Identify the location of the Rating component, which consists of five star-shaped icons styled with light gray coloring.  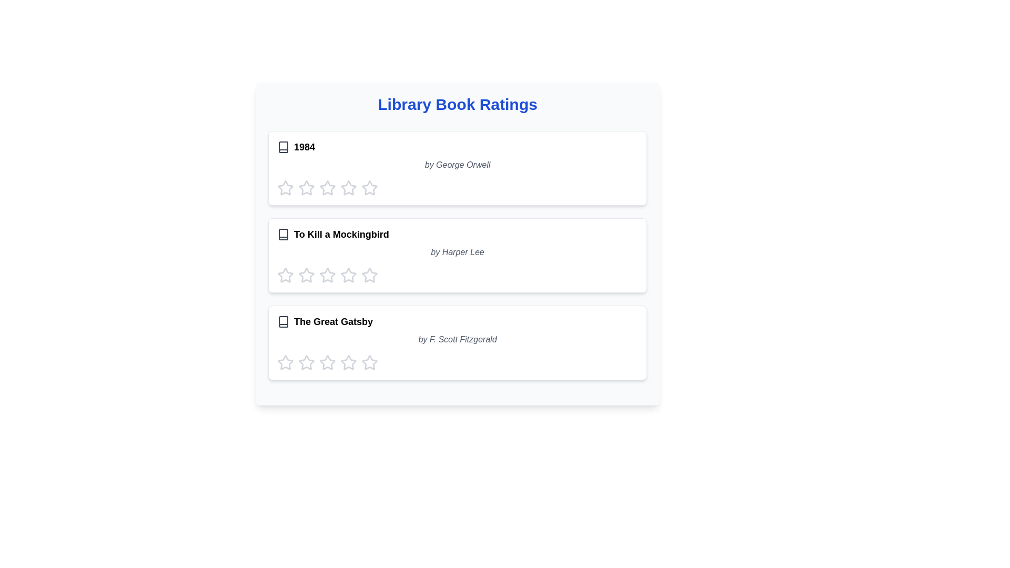
(457, 362).